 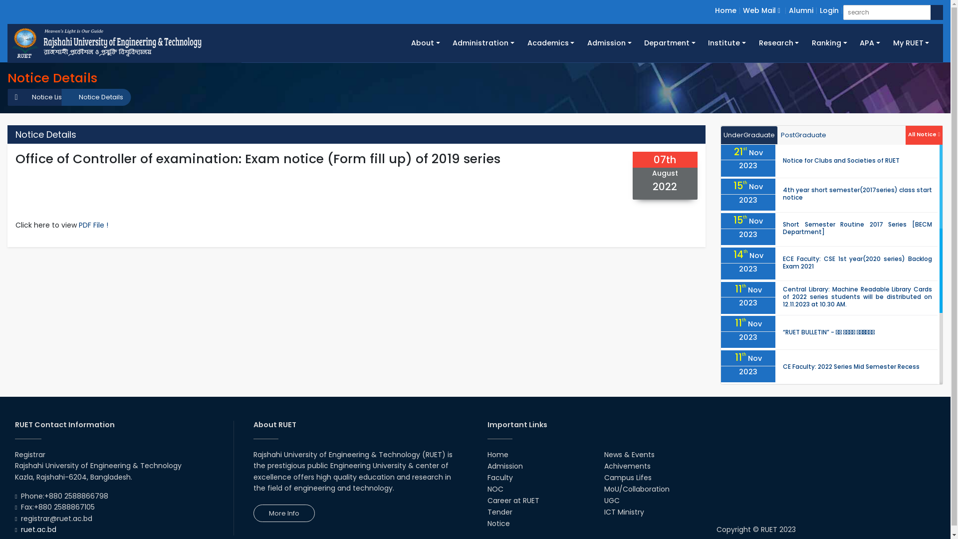 I want to click on 'PDF File !', so click(x=93, y=225).